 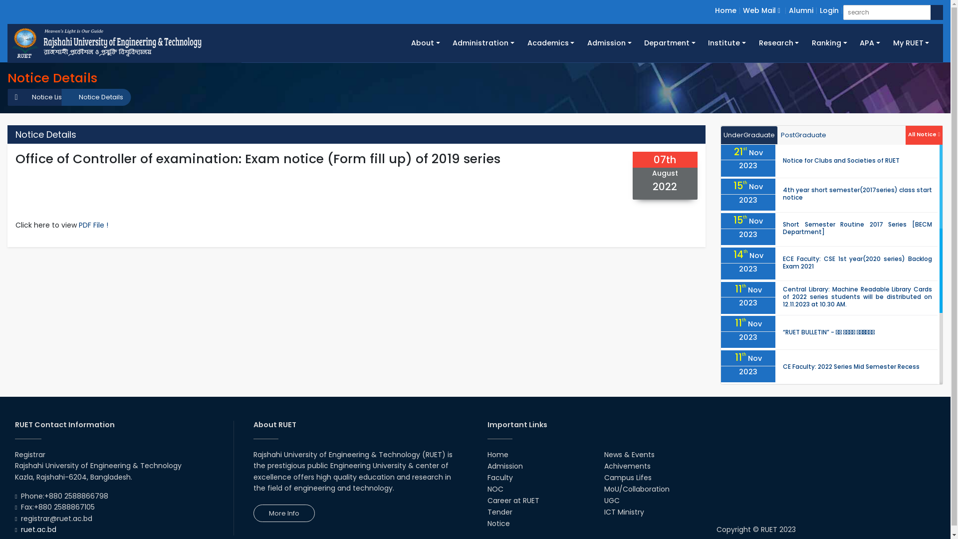 I want to click on 'PDF File !', so click(x=93, y=225).